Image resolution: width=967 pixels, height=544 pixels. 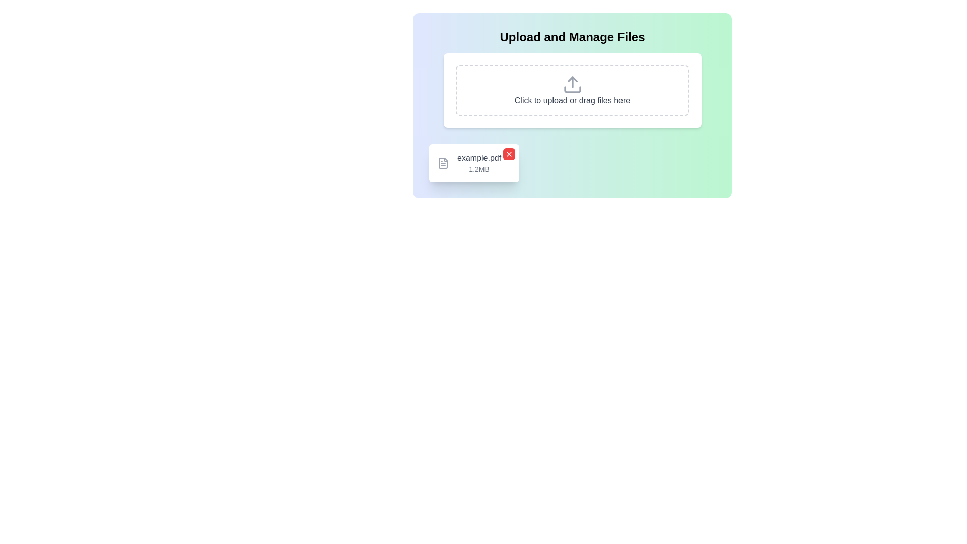 What do you see at coordinates (572, 91) in the screenshot?
I see `the Interactive file upload area, which is a rectangular area with a dashed border and an upward arrow icon` at bounding box center [572, 91].